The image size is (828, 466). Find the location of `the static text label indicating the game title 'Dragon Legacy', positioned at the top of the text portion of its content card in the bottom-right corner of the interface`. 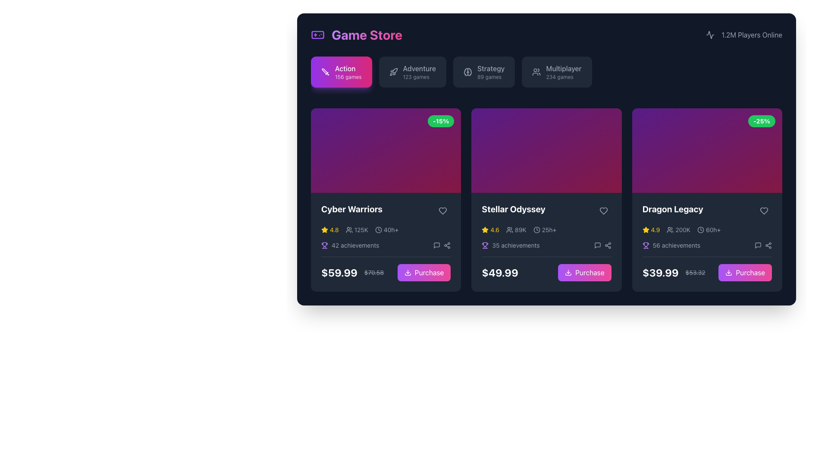

the static text label indicating the game title 'Dragon Legacy', positioned at the top of the text portion of its content card in the bottom-right corner of the interface is located at coordinates (672, 209).